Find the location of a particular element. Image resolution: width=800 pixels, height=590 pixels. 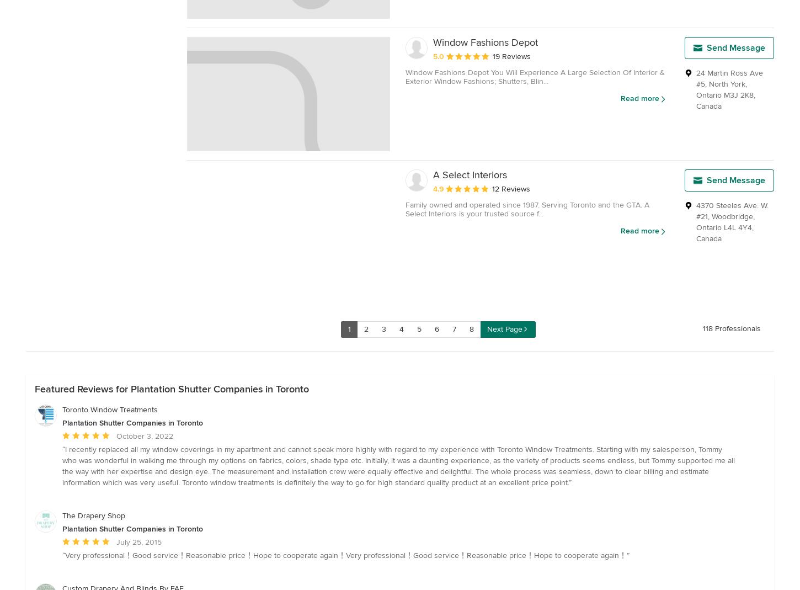

'3' is located at coordinates (383, 329).